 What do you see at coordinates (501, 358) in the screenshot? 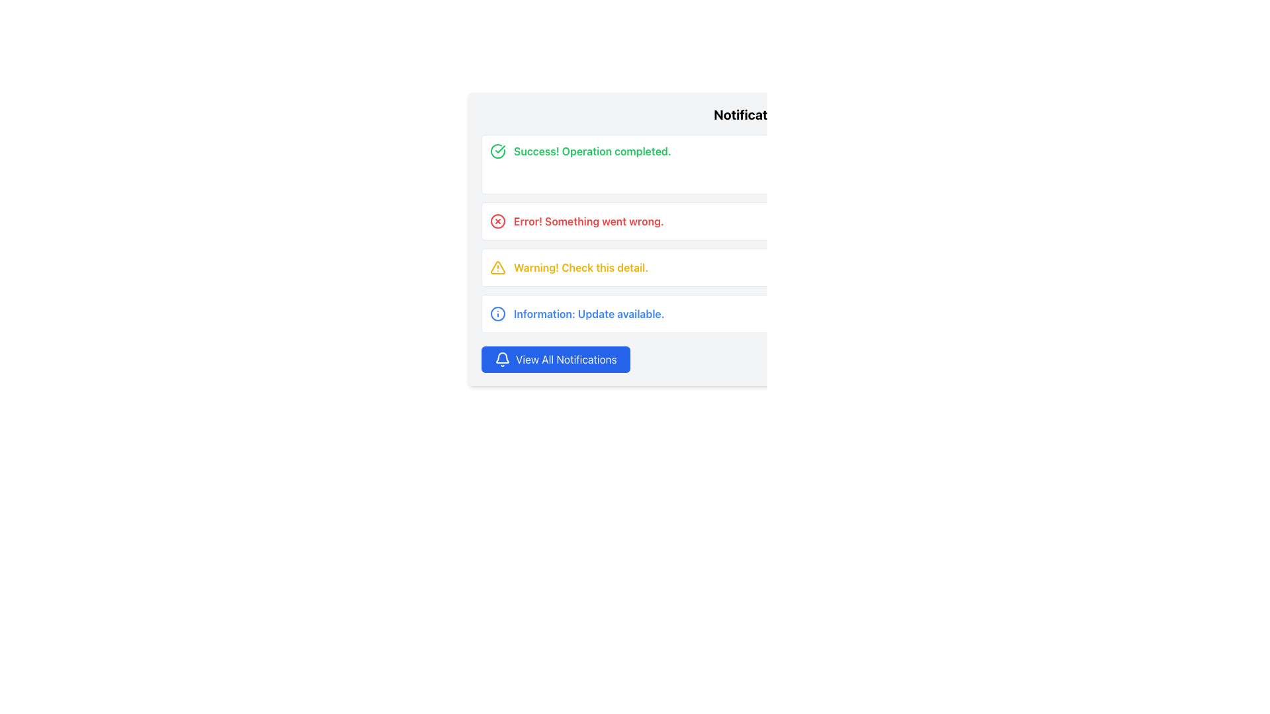
I see `the bottom arc of the bell icon, which is part of the notification symbol located inside the blue button at the bottom of the notification panel` at bounding box center [501, 358].